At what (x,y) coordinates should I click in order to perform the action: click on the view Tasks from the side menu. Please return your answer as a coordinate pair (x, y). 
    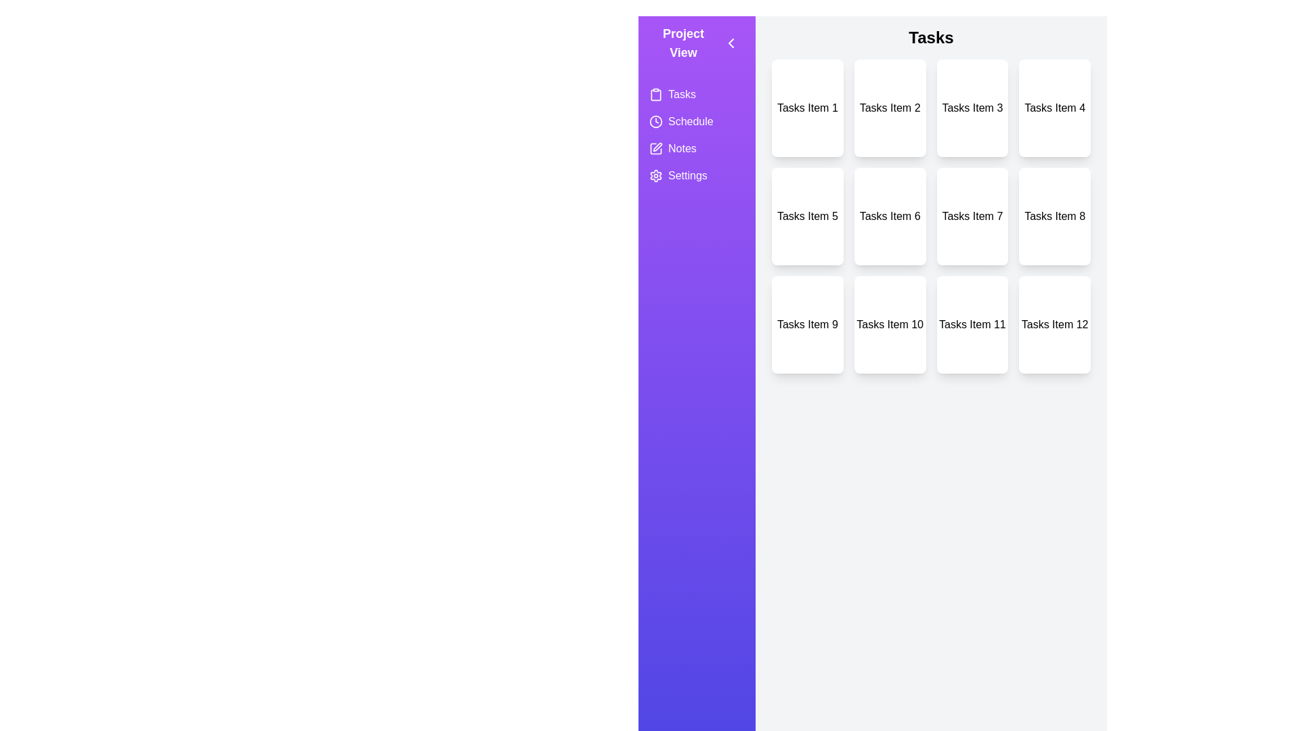
    Looking at the image, I should click on (697, 93).